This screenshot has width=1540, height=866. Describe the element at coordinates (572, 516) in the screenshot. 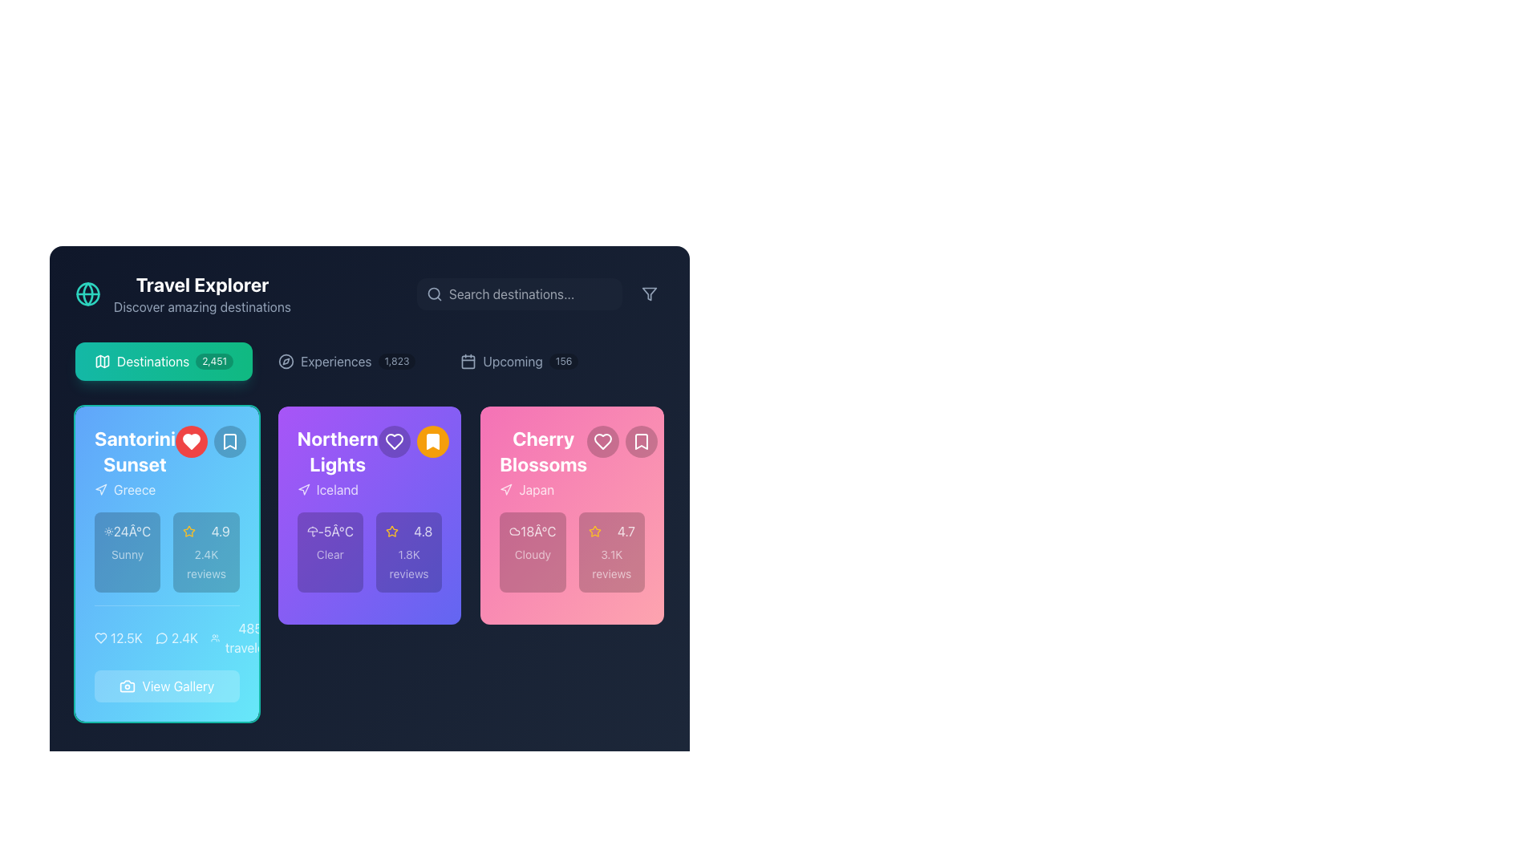

I see `the destination details panel labeled 'Cherry Blossoms', which is the third card in a horizontal group of cards located in the central right portion of the interface` at that location.